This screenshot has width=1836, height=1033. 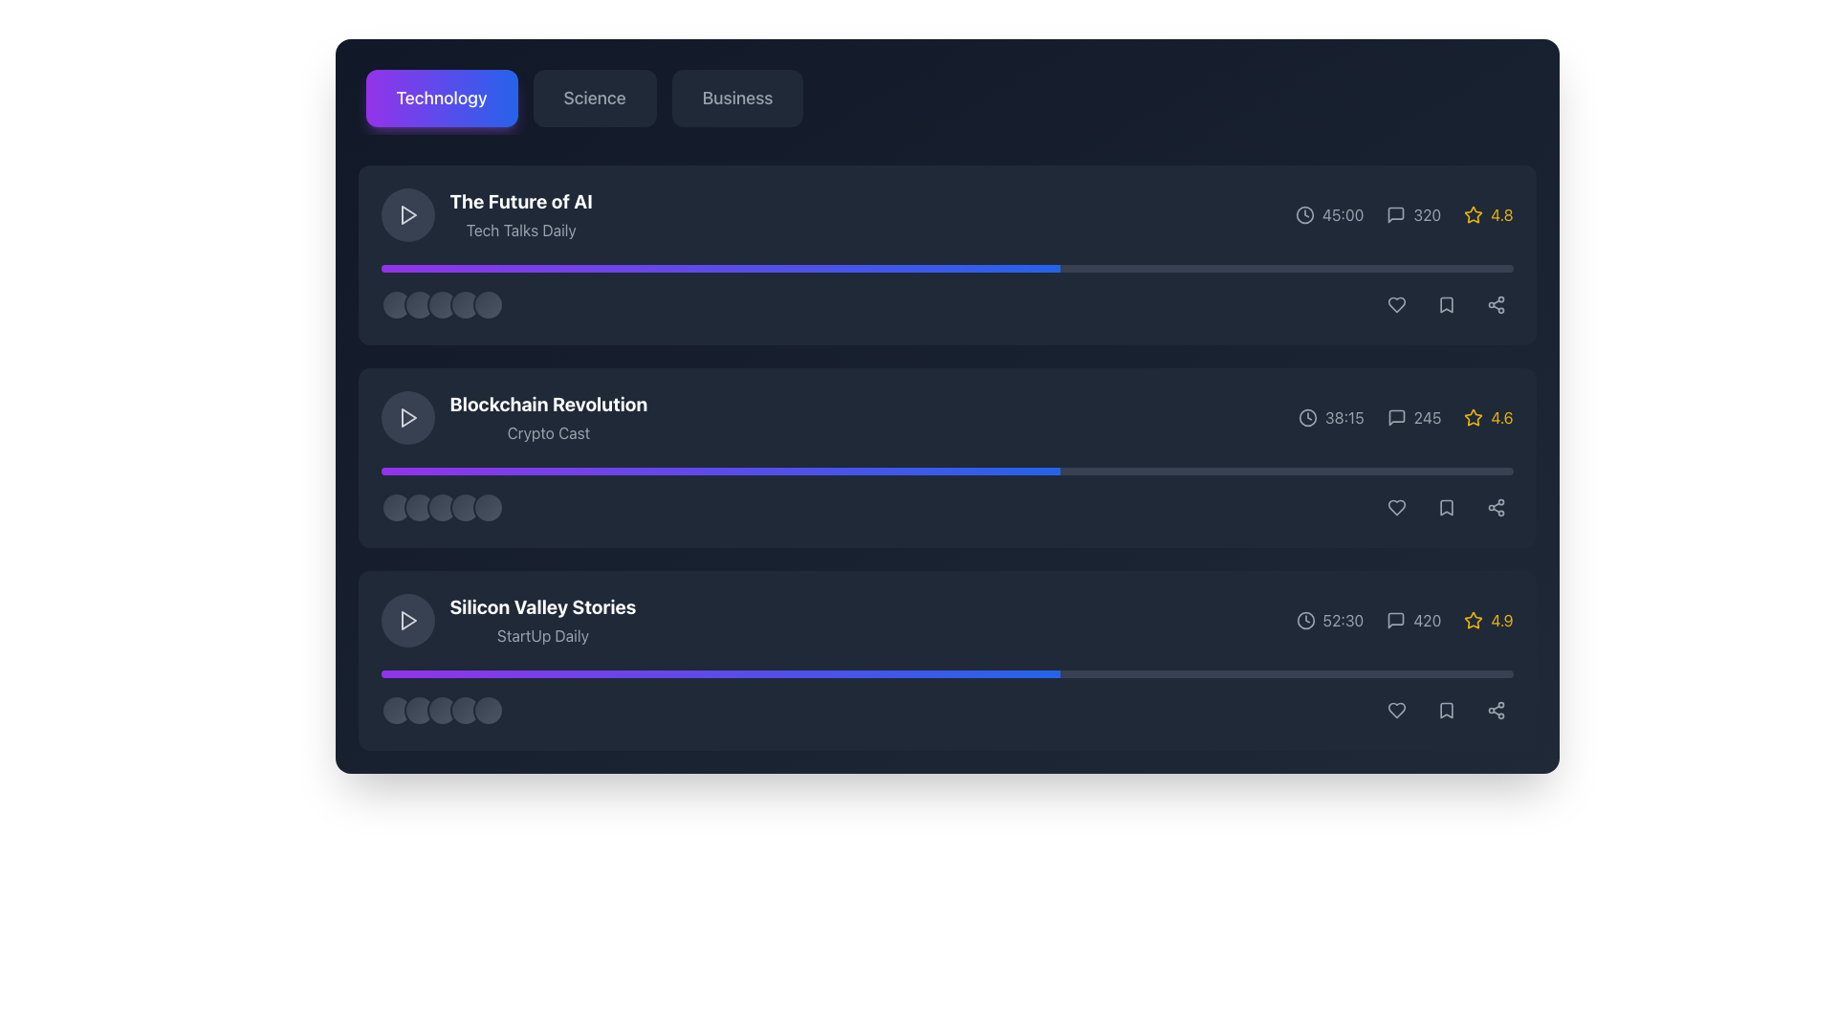 I want to click on or read the rating value displayed as '4.8' in bold yellow text, which is located to the immediate right of a star icon, so click(x=1500, y=214).